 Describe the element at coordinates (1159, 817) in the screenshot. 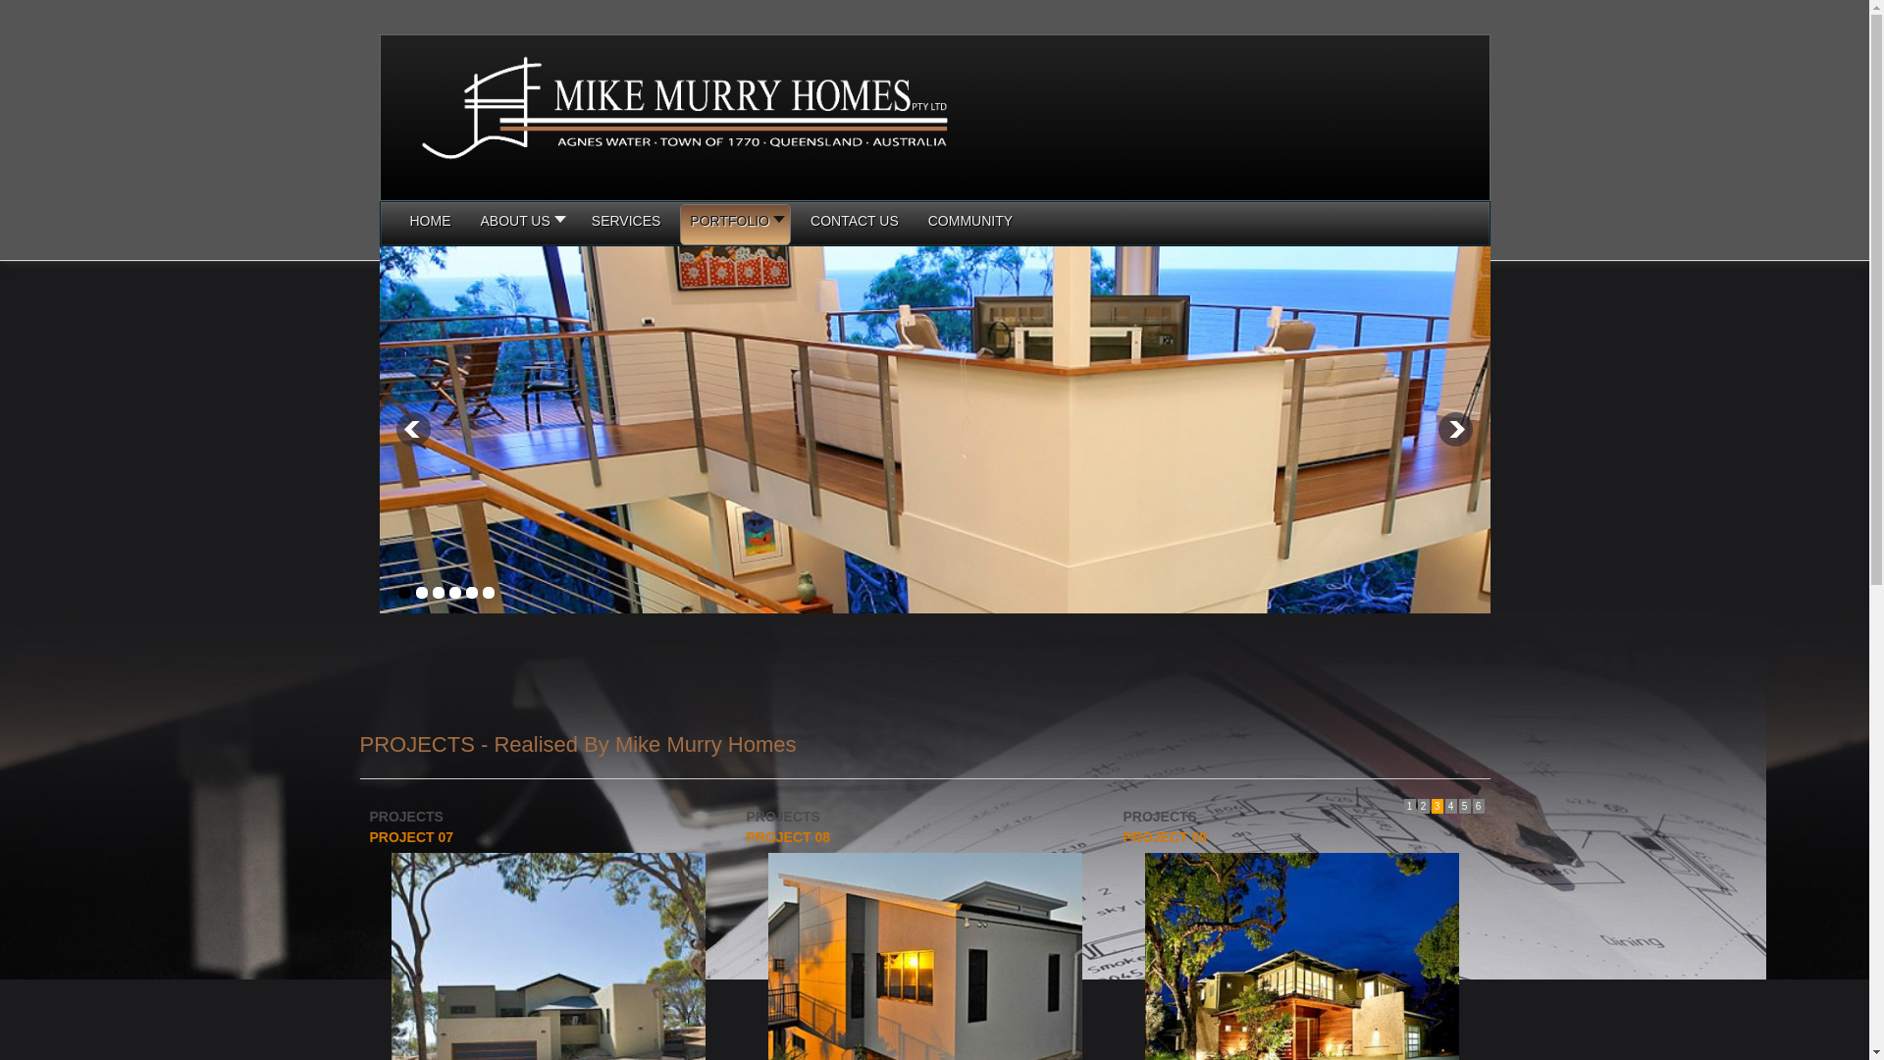

I see `'PROJECTS'` at that location.